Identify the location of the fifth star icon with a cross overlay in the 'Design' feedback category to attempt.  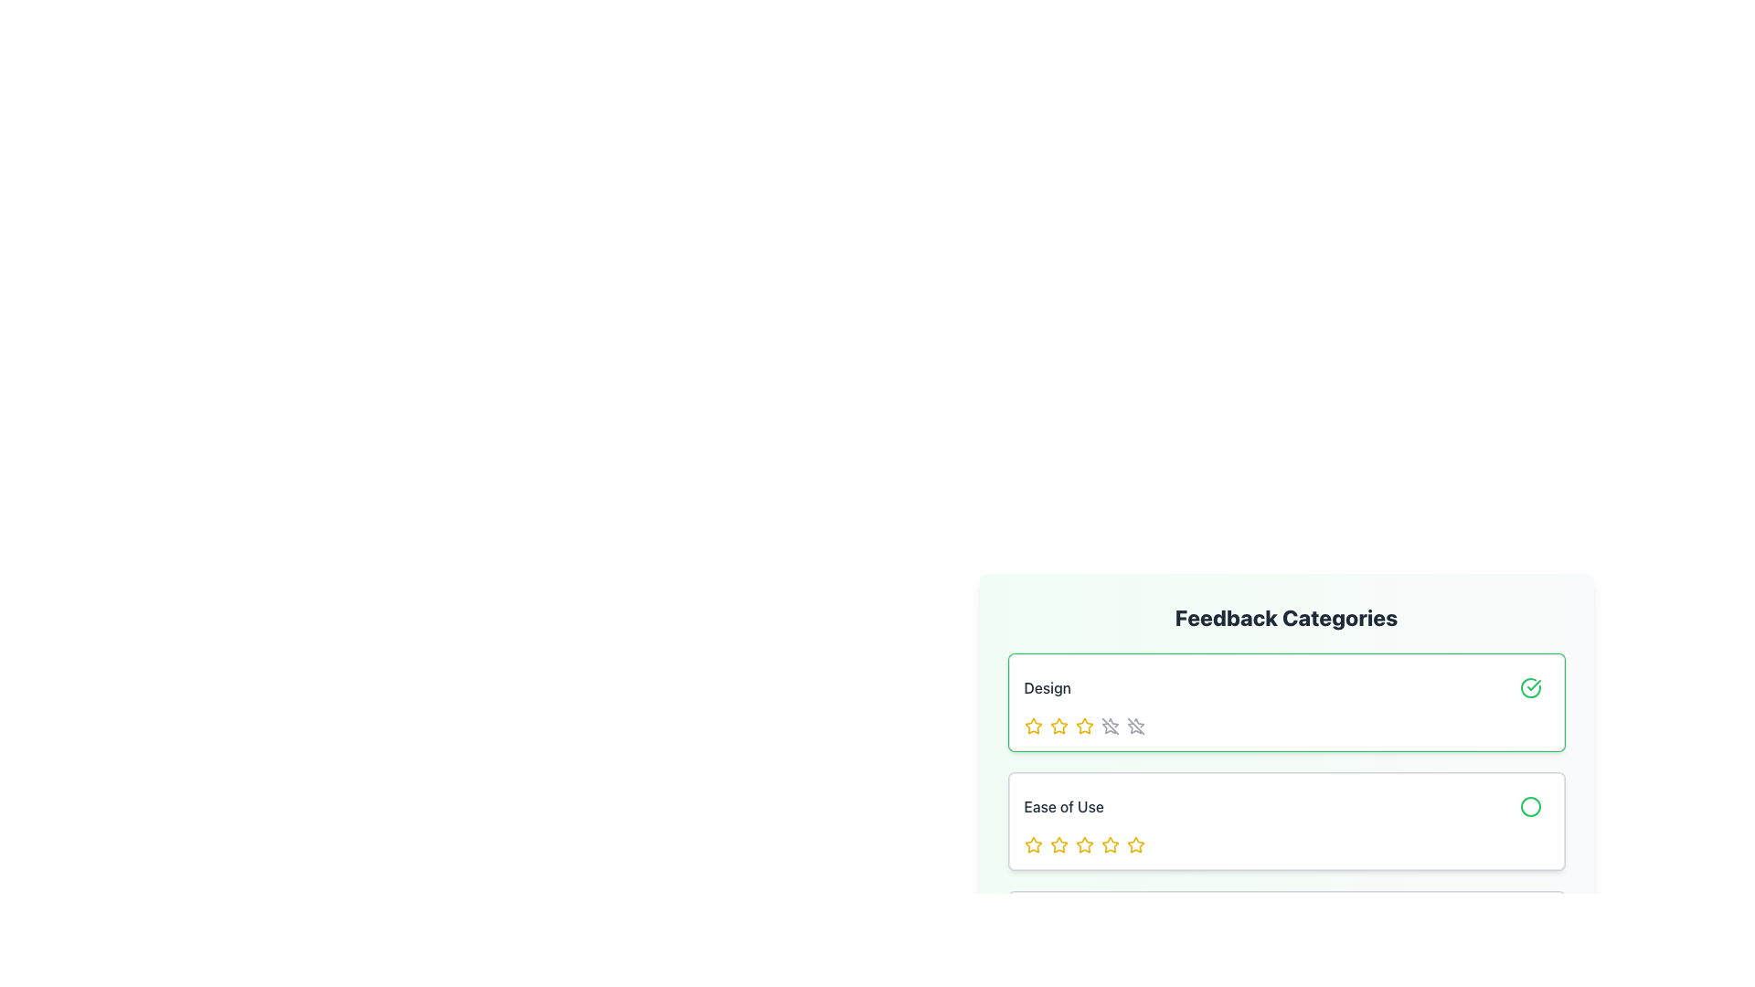
(1109, 725).